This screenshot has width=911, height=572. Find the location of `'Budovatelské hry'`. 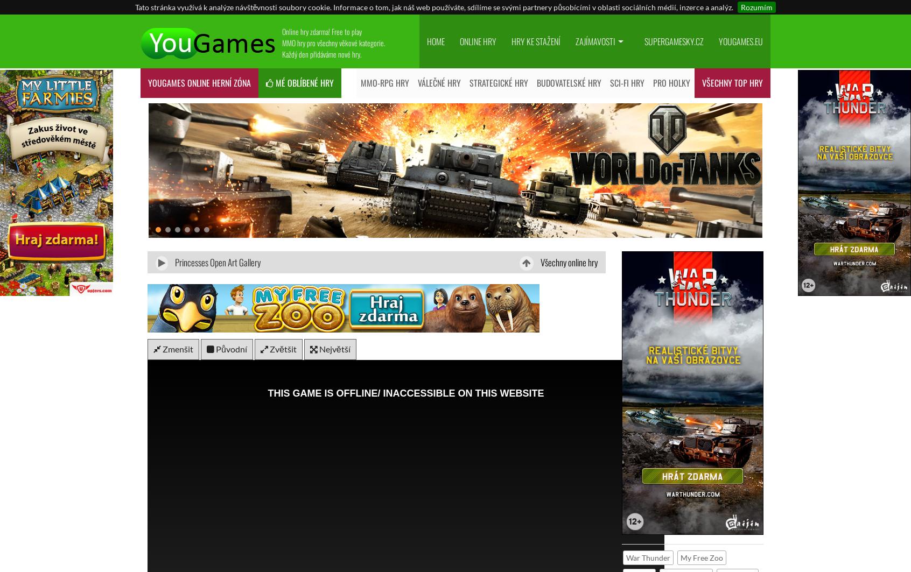

'Budovatelské hry' is located at coordinates (568, 83).